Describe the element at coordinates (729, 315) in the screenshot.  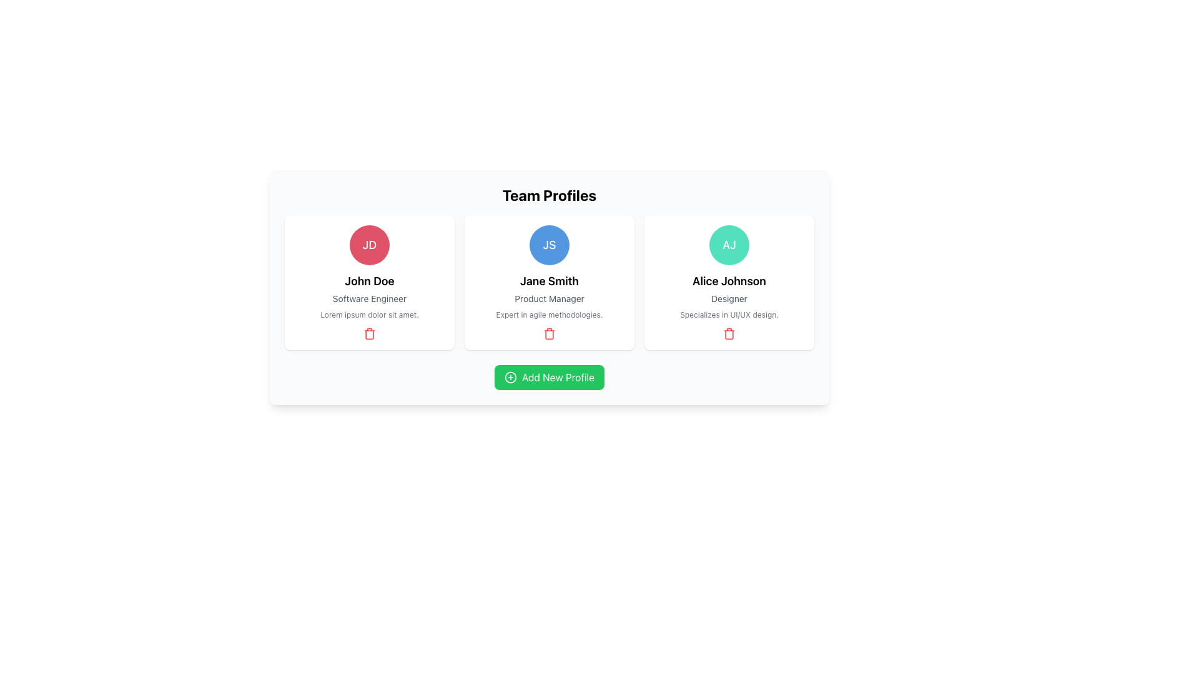
I see `descriptive Static Text about the individual featured in the rightmost profile card, located beneath the 'Designer' label and above a graphical button` at that location.